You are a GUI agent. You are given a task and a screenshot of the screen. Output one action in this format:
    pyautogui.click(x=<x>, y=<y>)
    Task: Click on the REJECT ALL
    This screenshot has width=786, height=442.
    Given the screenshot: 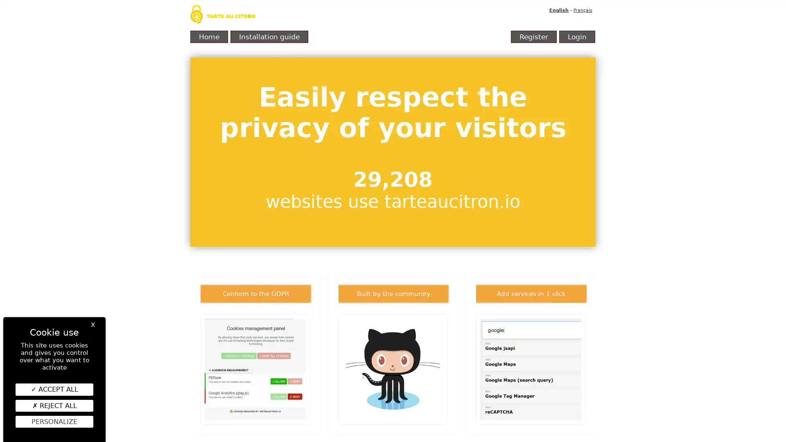 What is the action you would take?
    pyautogui.click(x=54, y=405)
    